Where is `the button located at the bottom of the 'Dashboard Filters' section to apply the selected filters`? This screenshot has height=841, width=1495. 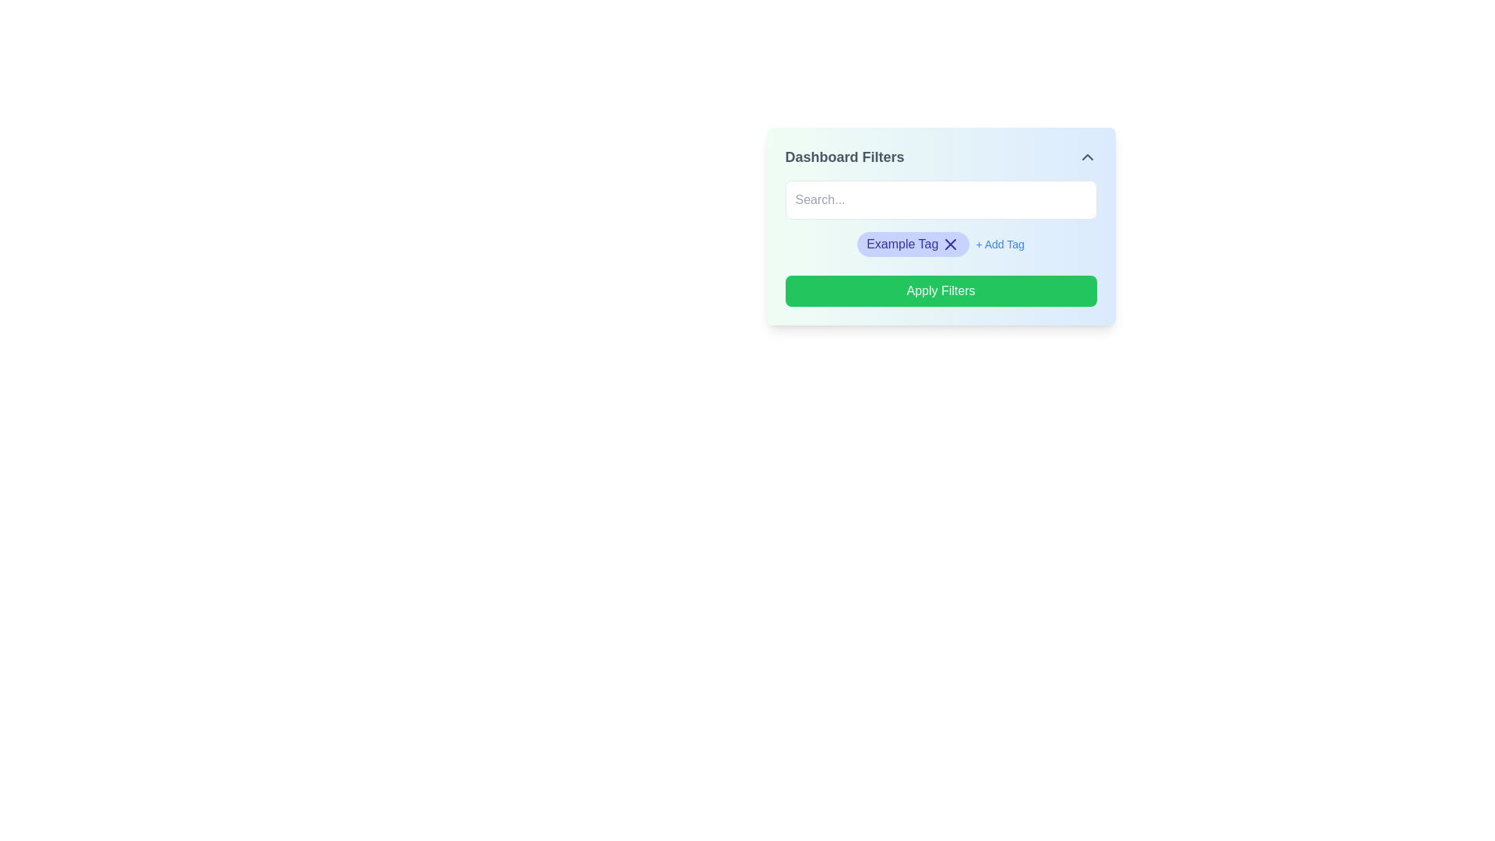 the button located at the bottom of the 'Dashboard Filters' section to apply the selected filters is located at coordinates (940, 291).